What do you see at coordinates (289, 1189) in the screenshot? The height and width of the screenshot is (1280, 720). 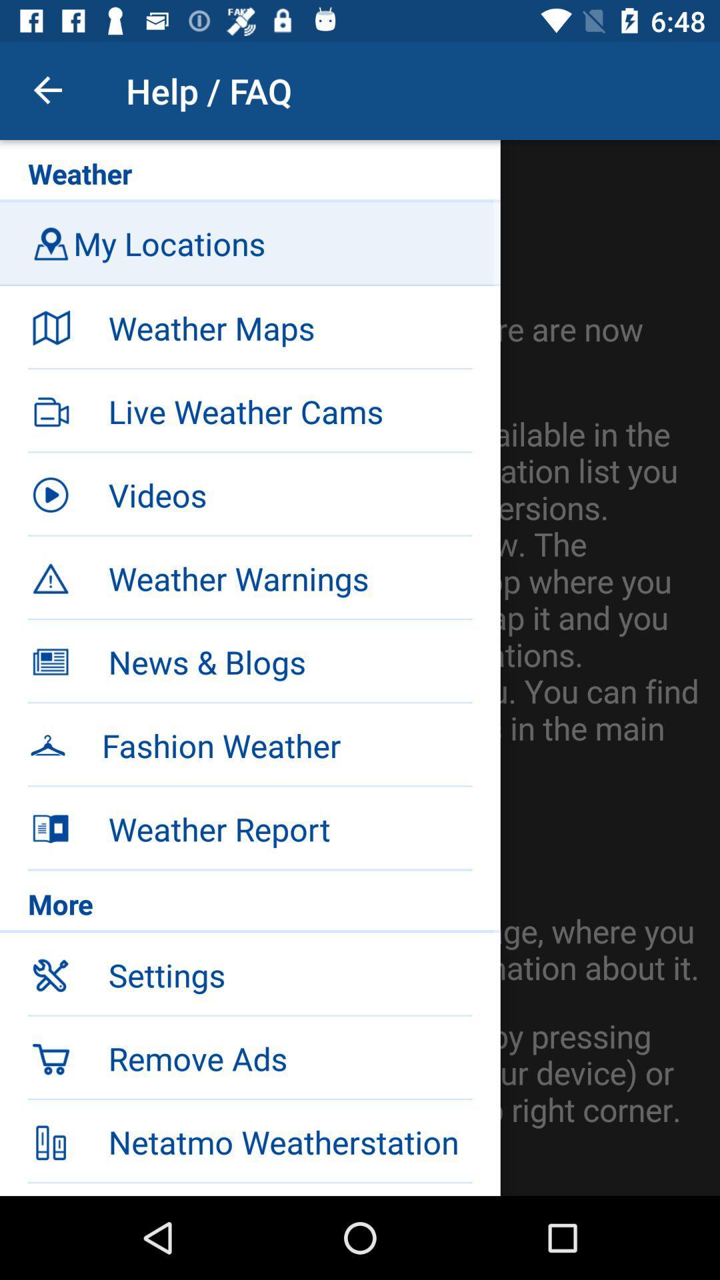 I see `imprint` at bounding box center [289, 1189].